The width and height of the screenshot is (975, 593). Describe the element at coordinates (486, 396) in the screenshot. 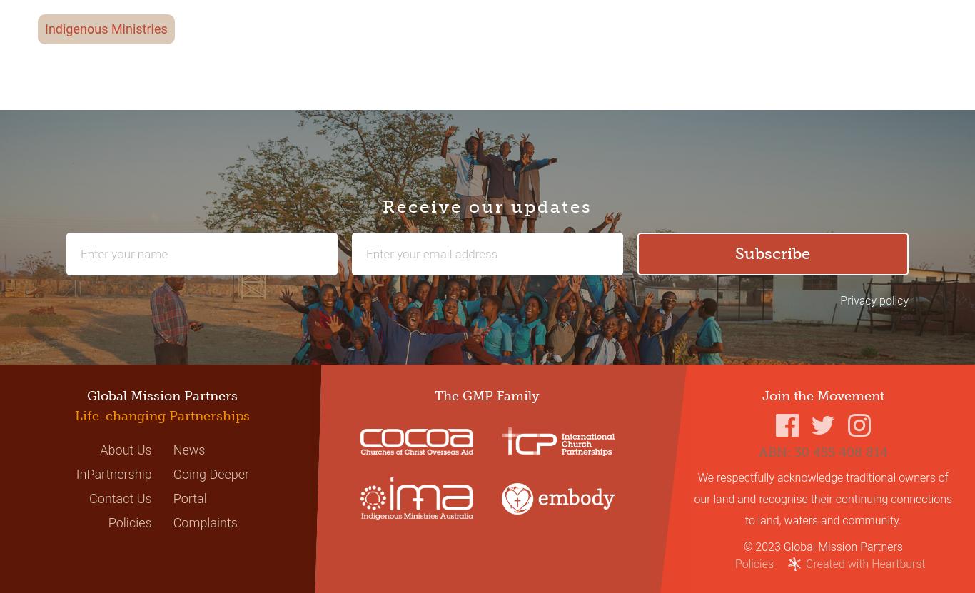

I see `'The GMP Family'` at that location.